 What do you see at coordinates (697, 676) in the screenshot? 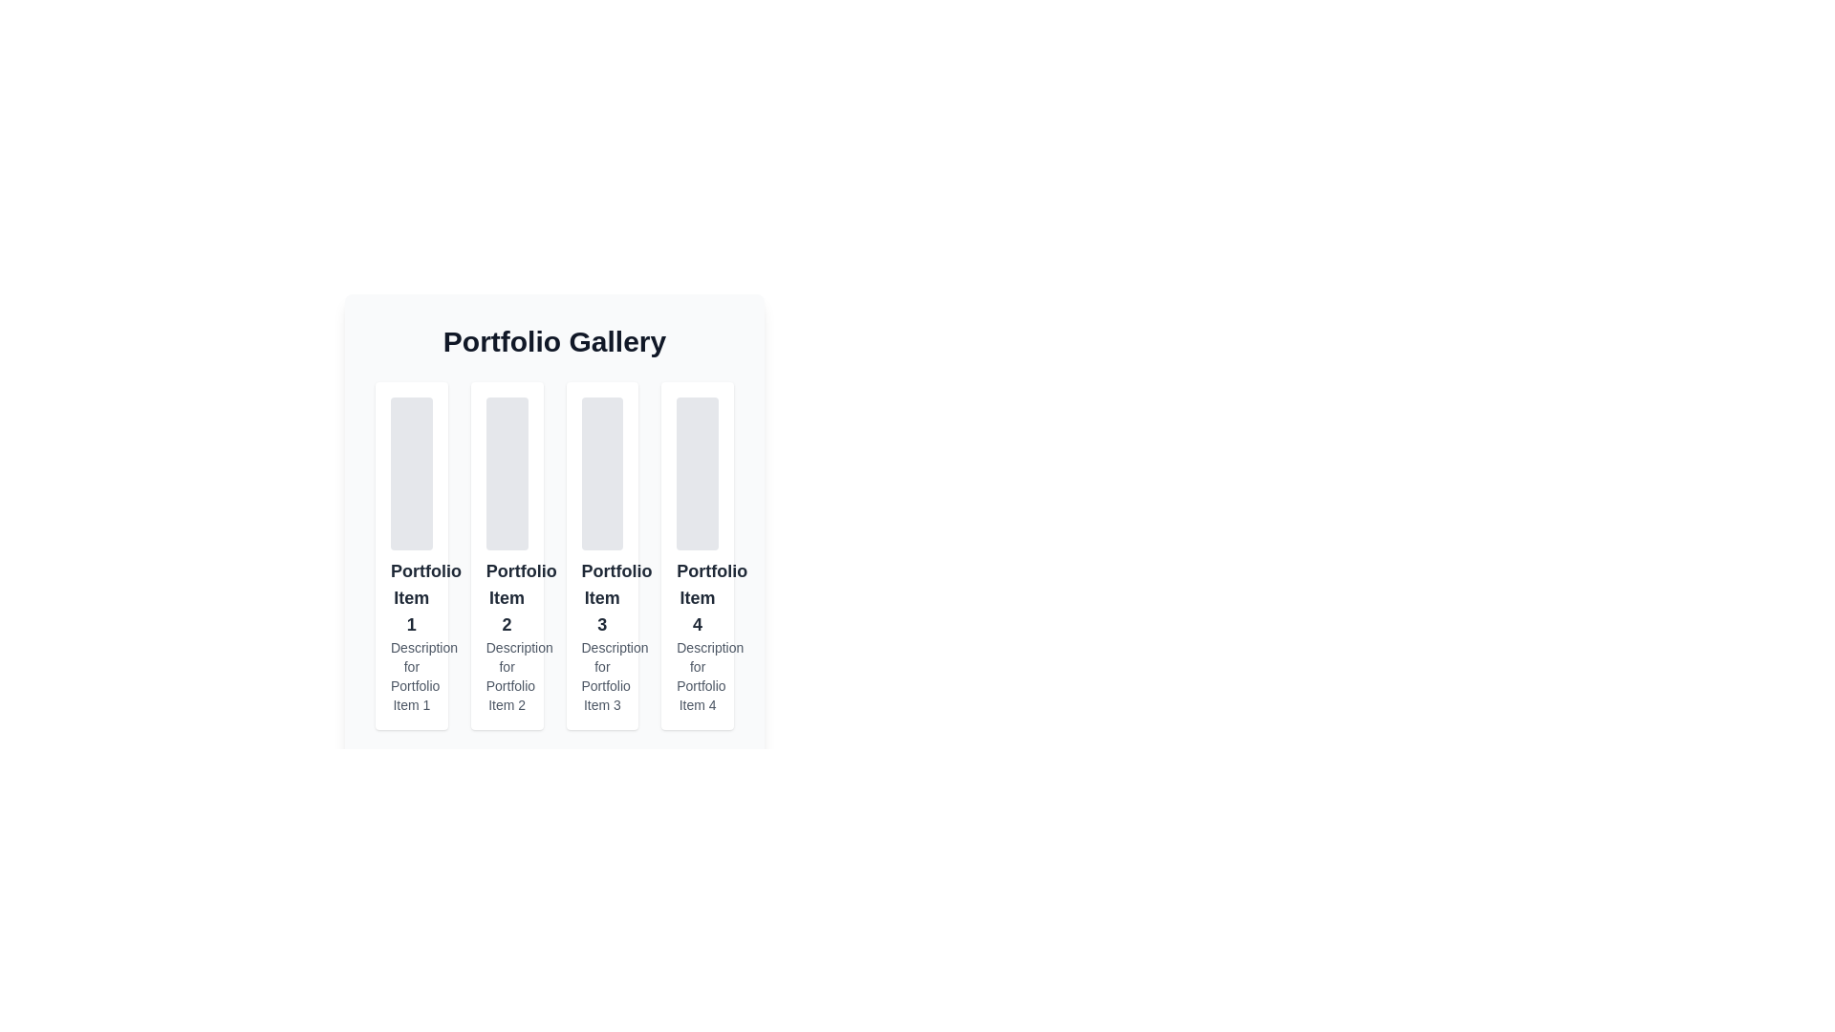
I see `the informative description text for 'Portfolio Item 4', which is located in the fourth column of the 'Portfolio Gallery' layout, below the heading` at bounding box center [697, 676].